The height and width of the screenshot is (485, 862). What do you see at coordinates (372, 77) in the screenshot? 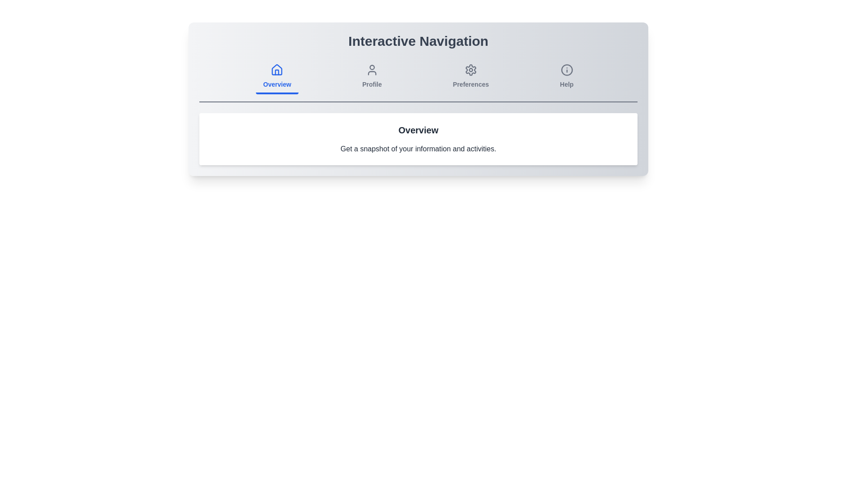
I see `the Profile tab icon to see the hover effect` at bounding box center [372, 77].